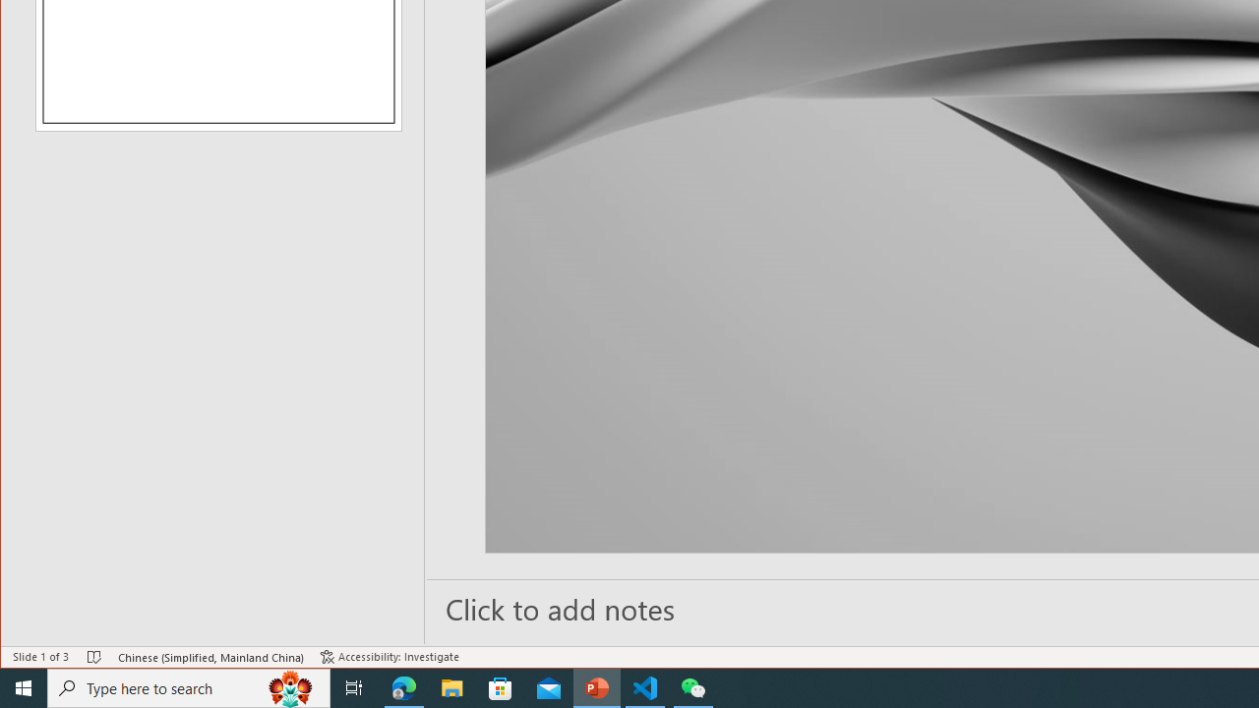 The width and height of the screenshot is (1259, 708). Describe the element at coordinates (645, 686) in the screenshot. I see `'Visual Studio Code - 1 running window'` at that location.